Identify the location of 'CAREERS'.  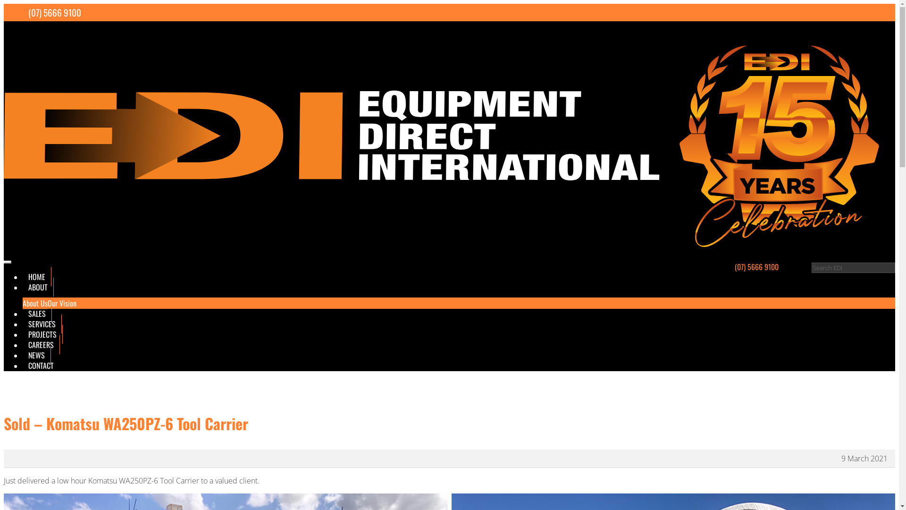
(41, 344).